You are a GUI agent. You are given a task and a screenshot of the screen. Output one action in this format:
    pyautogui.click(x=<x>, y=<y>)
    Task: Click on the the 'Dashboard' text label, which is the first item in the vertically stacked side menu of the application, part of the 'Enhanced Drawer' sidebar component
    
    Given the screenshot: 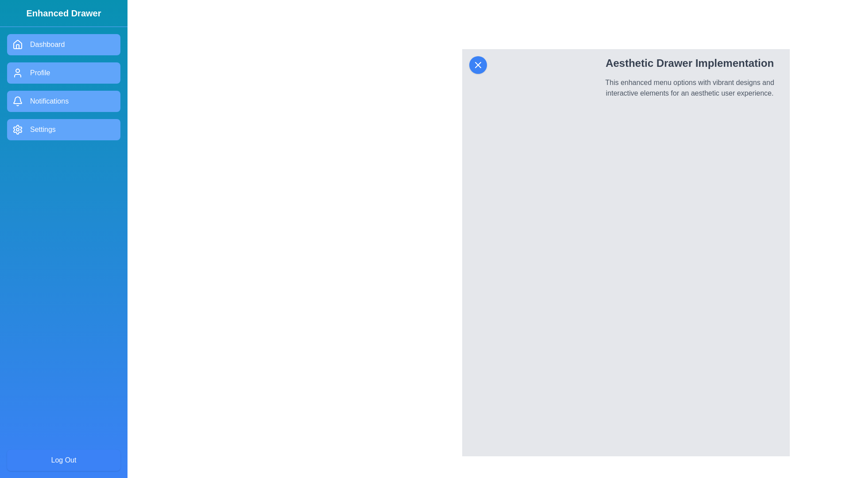 What is the action you would take?
    pyautogui.click(x=47, y=44)
    